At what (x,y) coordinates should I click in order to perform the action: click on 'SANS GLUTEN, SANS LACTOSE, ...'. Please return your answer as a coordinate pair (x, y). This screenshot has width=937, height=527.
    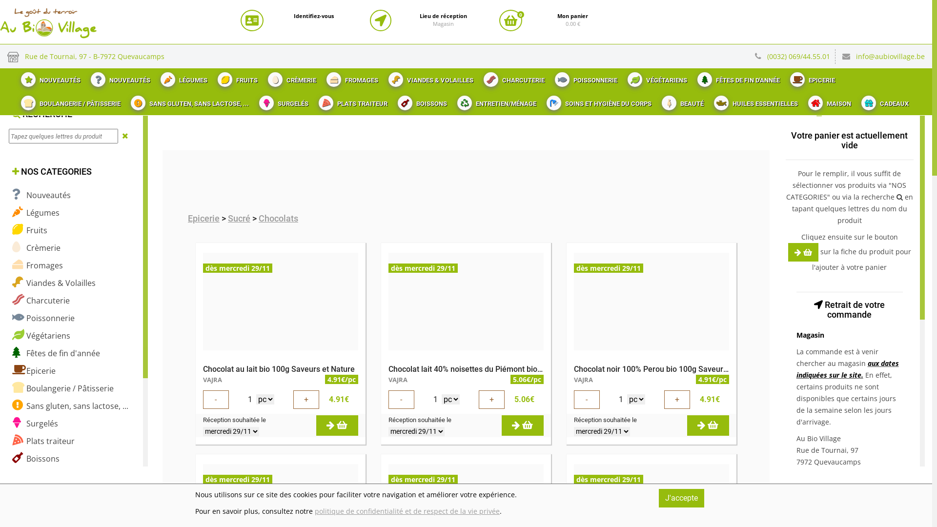
    Looking at the image, I should click on (188, 101).